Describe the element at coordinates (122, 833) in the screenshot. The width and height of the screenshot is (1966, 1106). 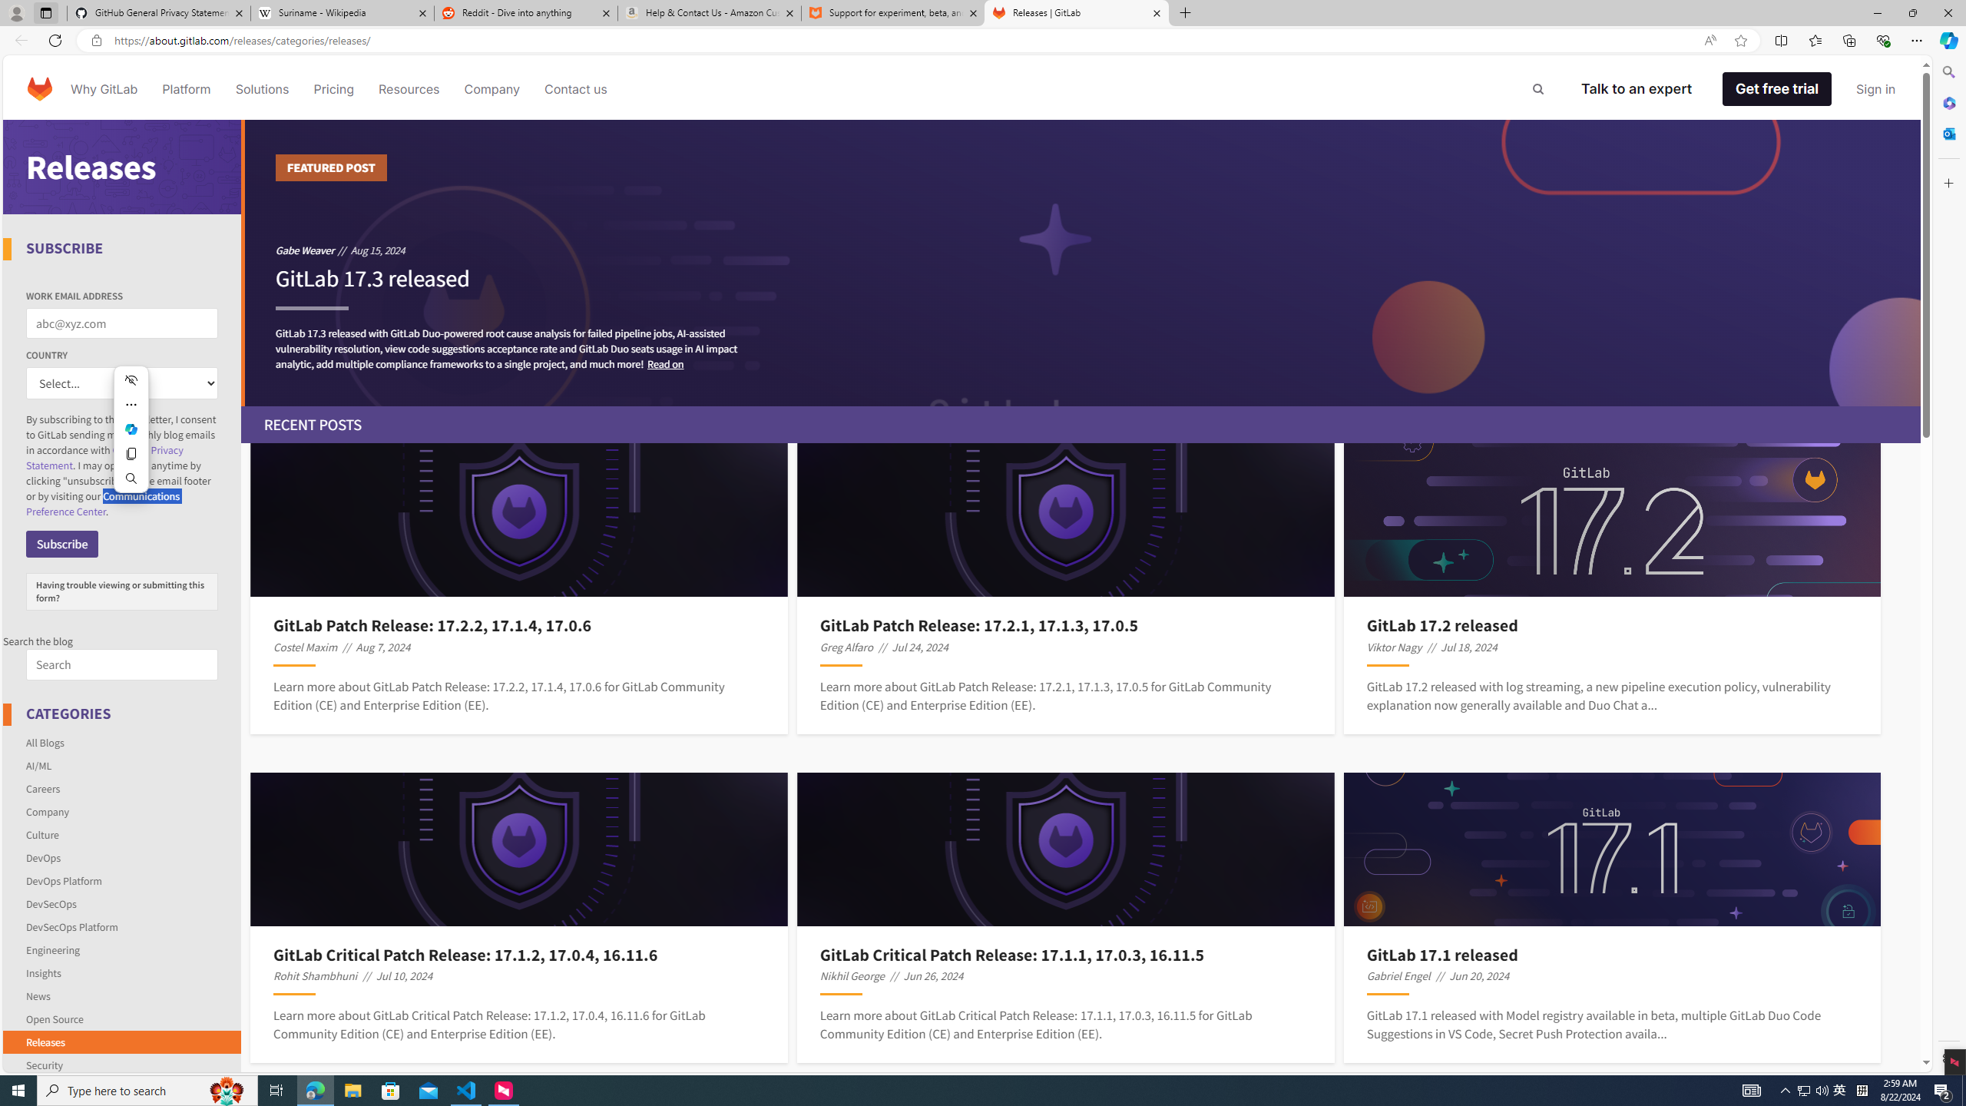
I see `'Culture'` at that location.